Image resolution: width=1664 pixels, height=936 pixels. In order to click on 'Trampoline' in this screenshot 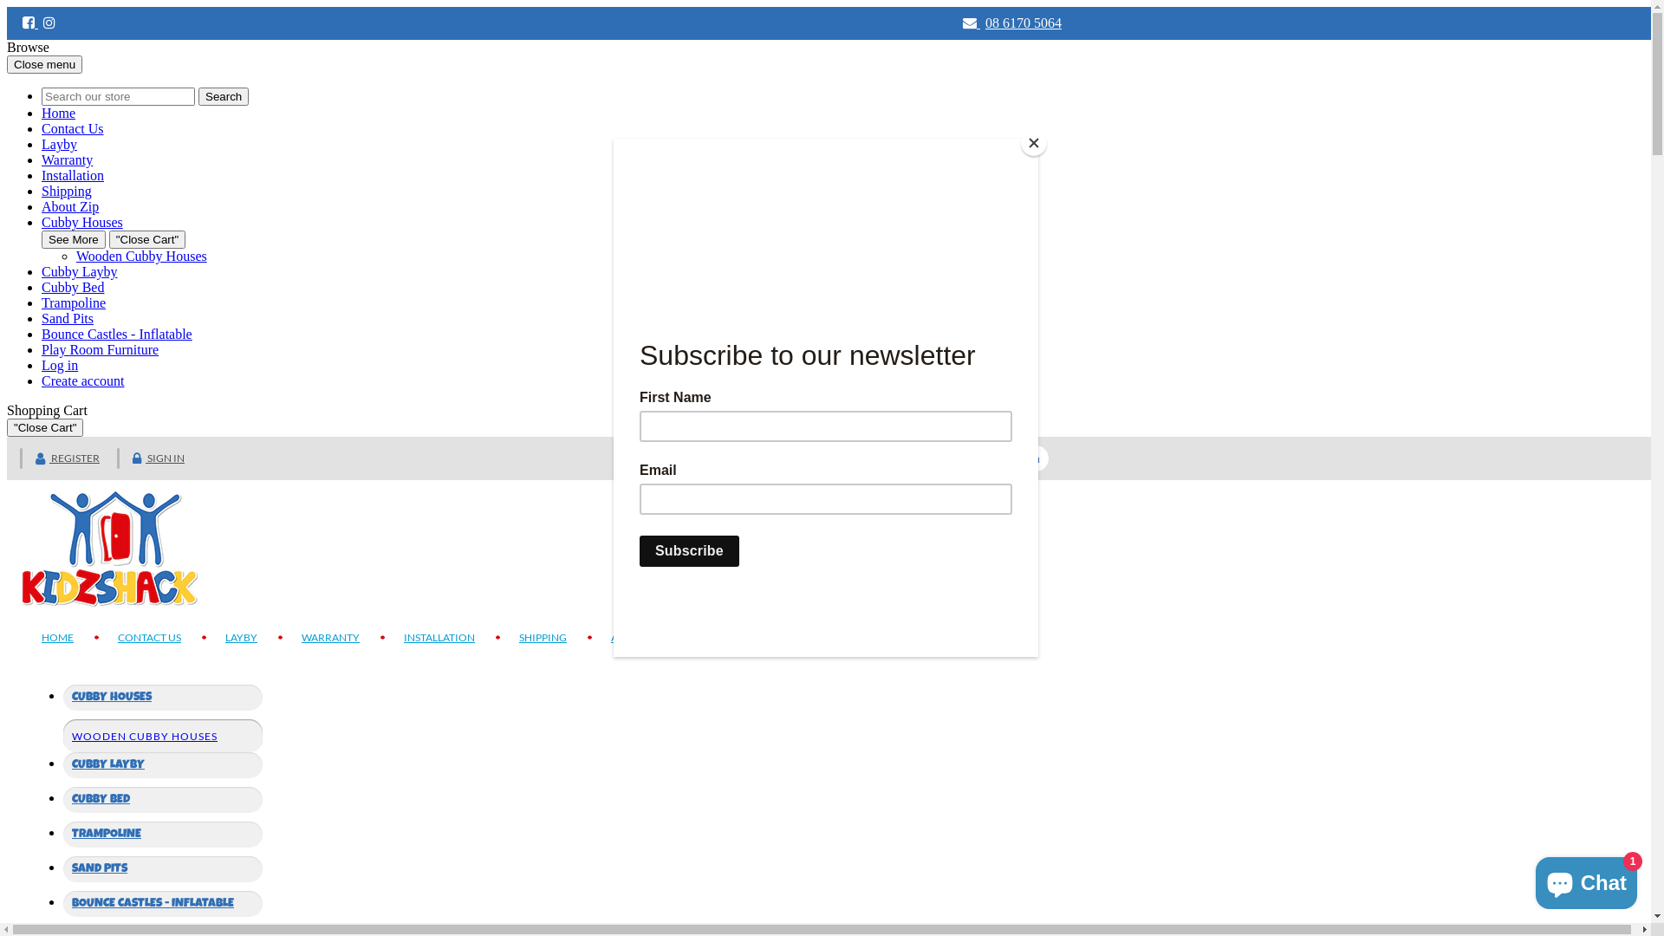, I will do `click(73, 302)`.